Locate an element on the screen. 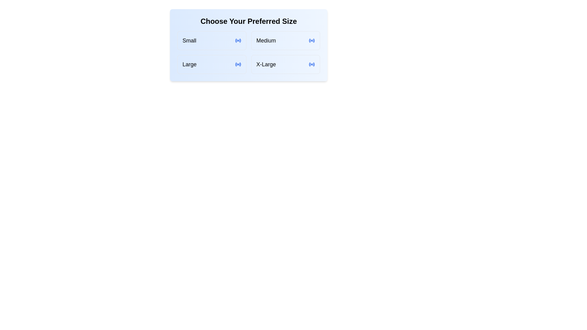 The height and width of the screenshot is (330, 587). the 'Small' label in bold font style located in the upper left corner of the 'Choose Your Preferred Size' option pane is located at coordinates (189, 40).